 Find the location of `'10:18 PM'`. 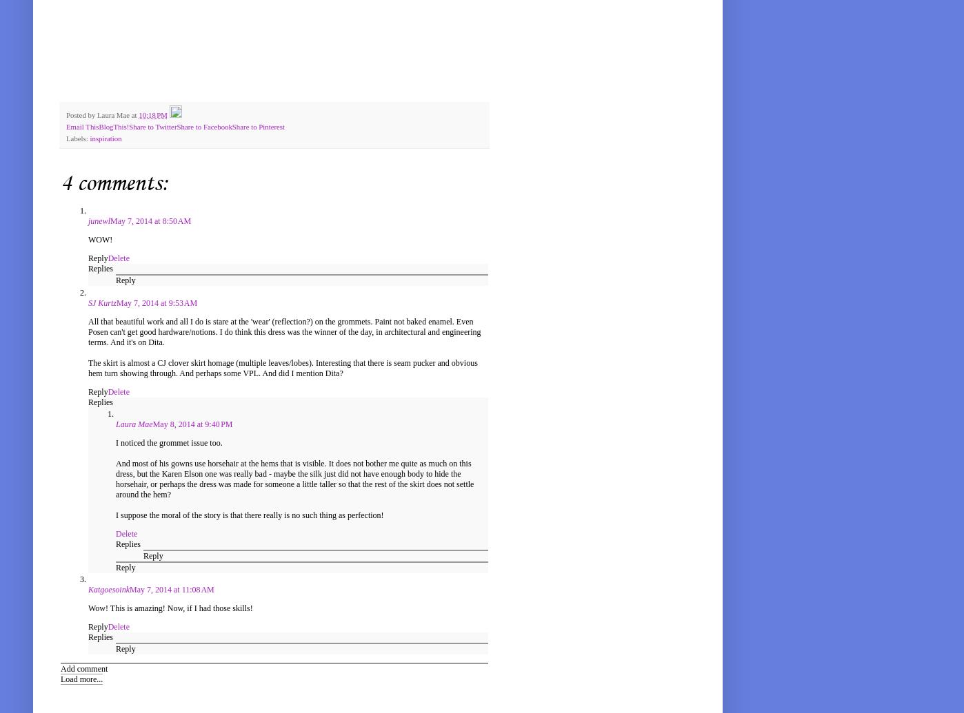

'10:18 PM' is located at coordinates (152, 114).